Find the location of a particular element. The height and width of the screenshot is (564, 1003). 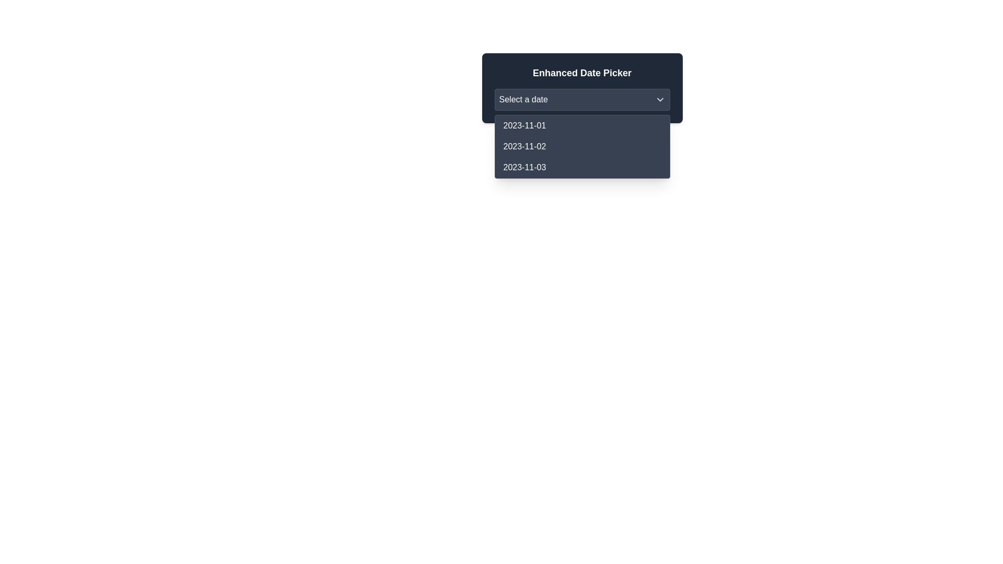

the downward-pointing chevron SVG icon located inside the 'Select a date' dropdown menu is located at coordinates (659, 100).